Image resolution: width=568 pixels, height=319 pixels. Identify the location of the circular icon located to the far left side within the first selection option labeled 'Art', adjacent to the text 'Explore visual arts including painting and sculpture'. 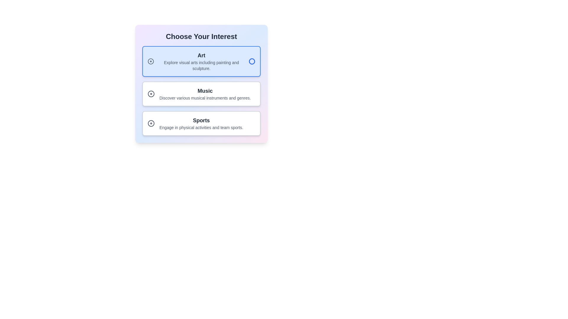
(151, 61).